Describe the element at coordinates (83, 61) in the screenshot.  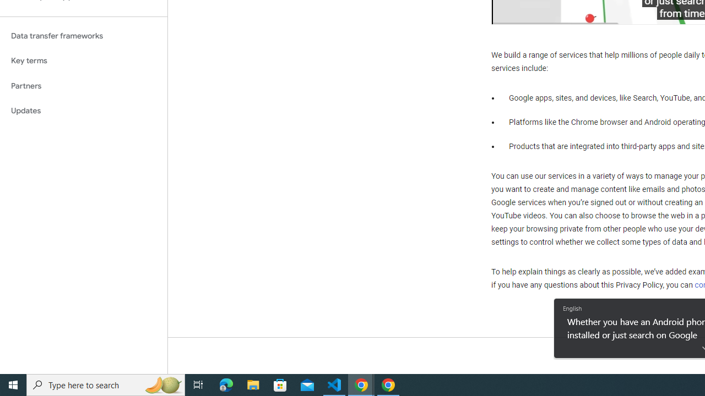
I see `'Key terms'` at that location.